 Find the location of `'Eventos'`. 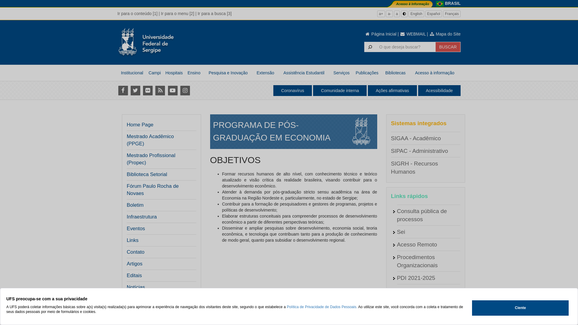

'Eventos' is located at coordinates (135, 228).